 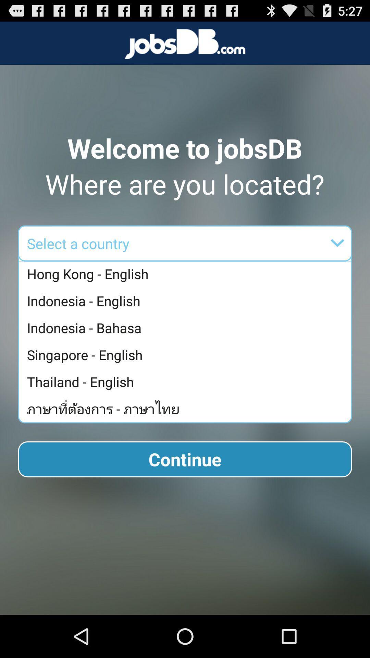 What do you see at coordinates (187, 301) in the screenshot?
I see `the indonesia - english` at bounding box center [187, 301].